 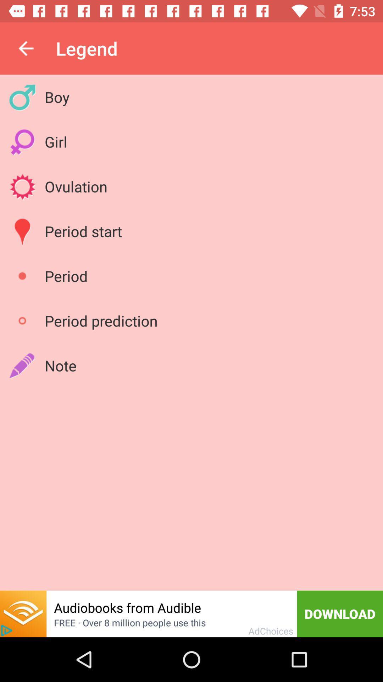 What do you see at coordinates (23, 613) in the screenshot?
I see `the network_wifi icon` at bounding box center [23, 613].